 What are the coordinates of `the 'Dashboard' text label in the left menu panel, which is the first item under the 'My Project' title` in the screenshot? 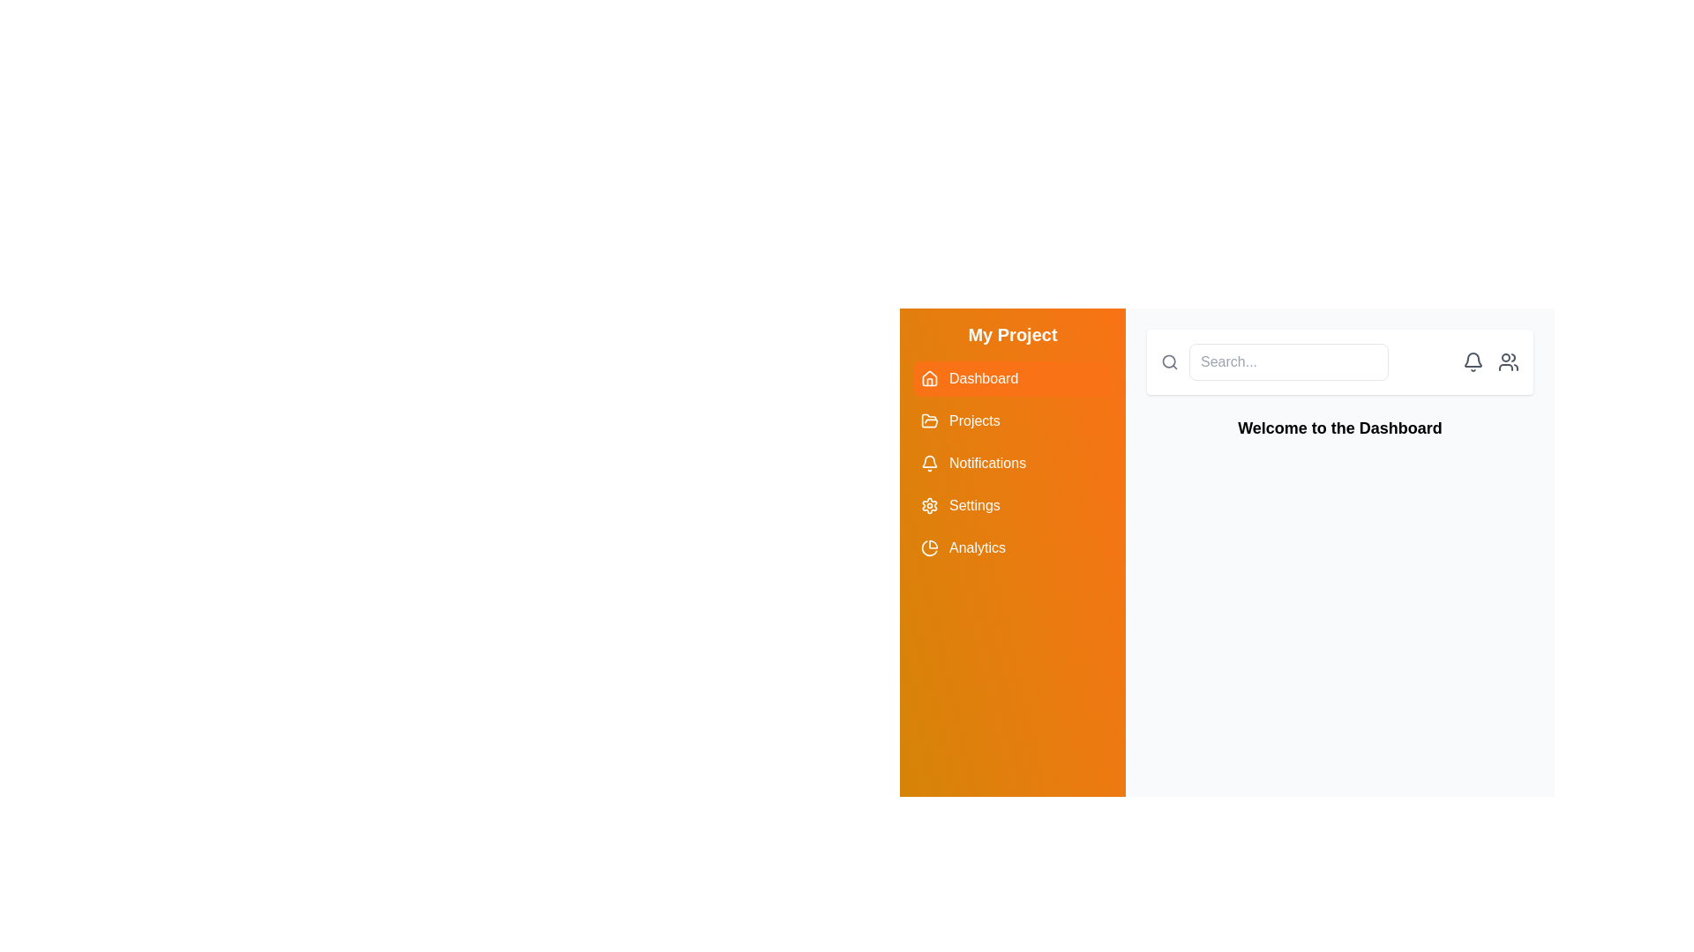 It's located at (983, 377).